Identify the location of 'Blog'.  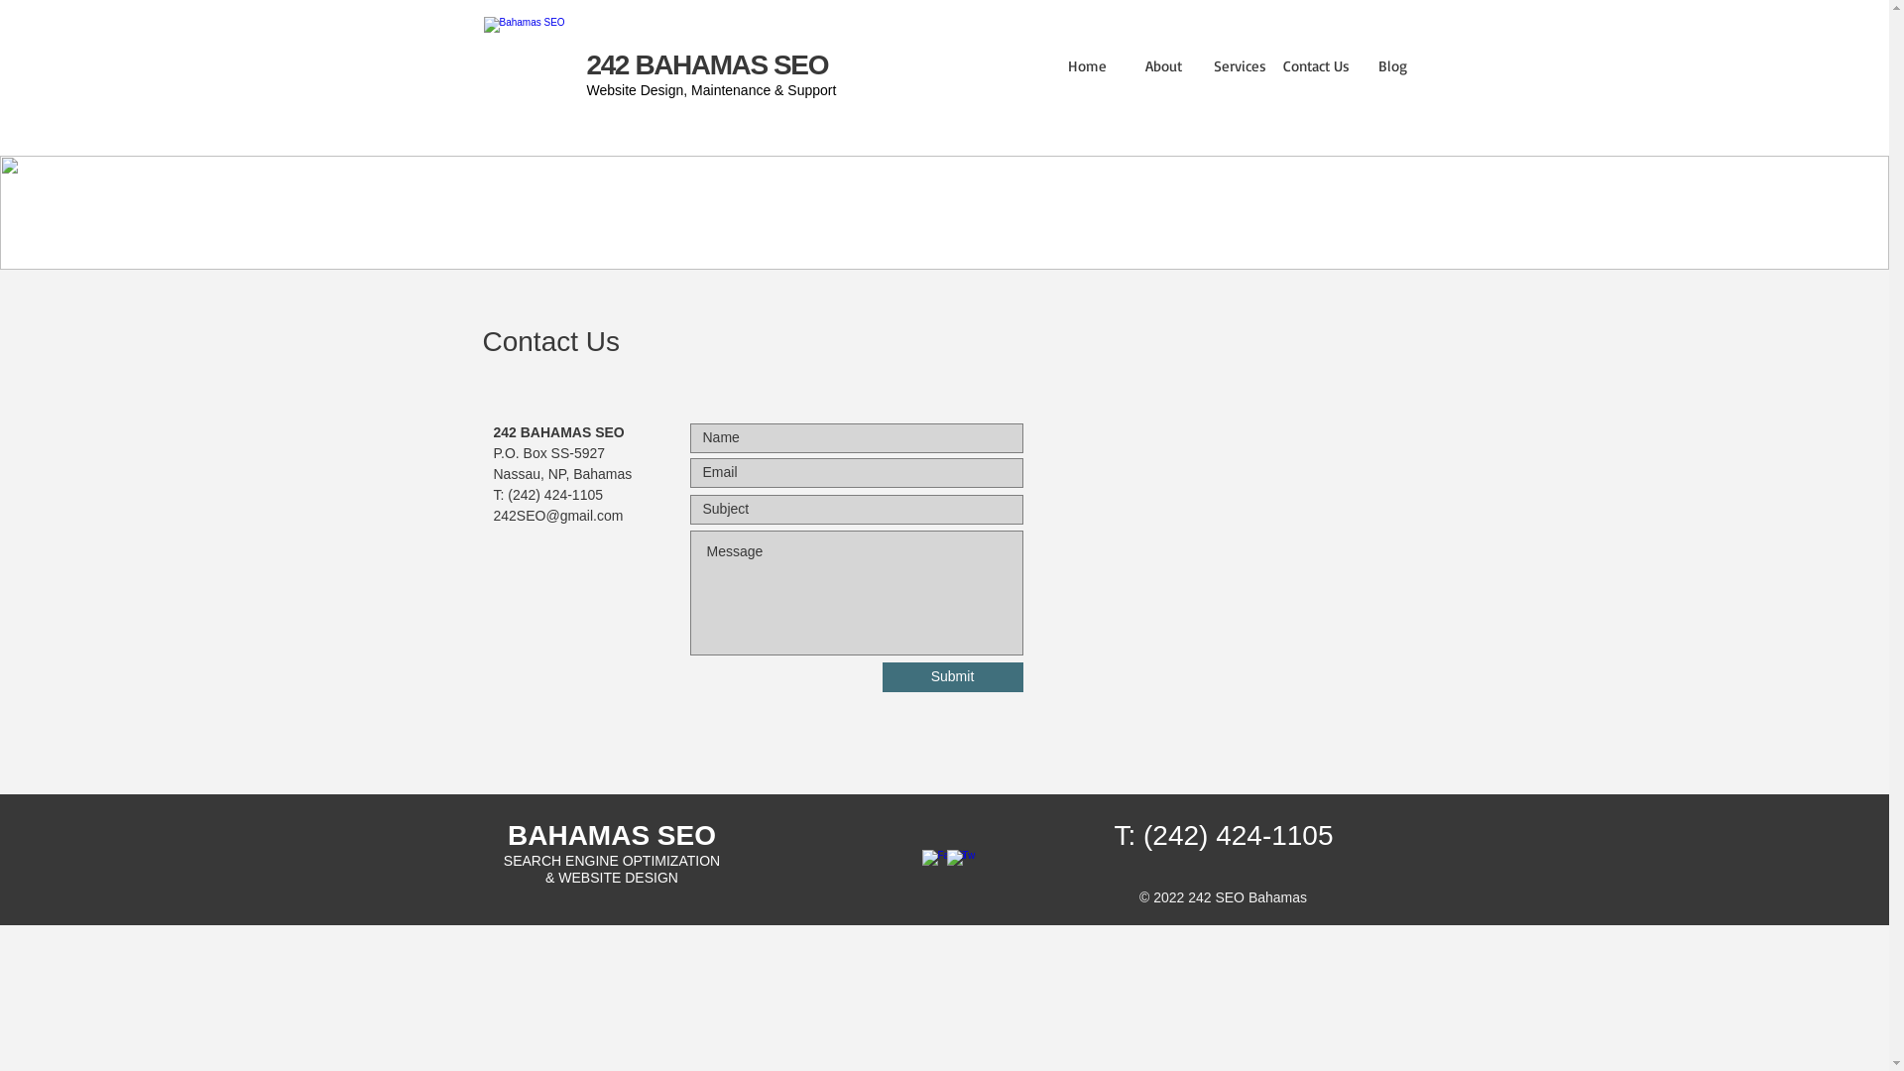
(1390, 64).